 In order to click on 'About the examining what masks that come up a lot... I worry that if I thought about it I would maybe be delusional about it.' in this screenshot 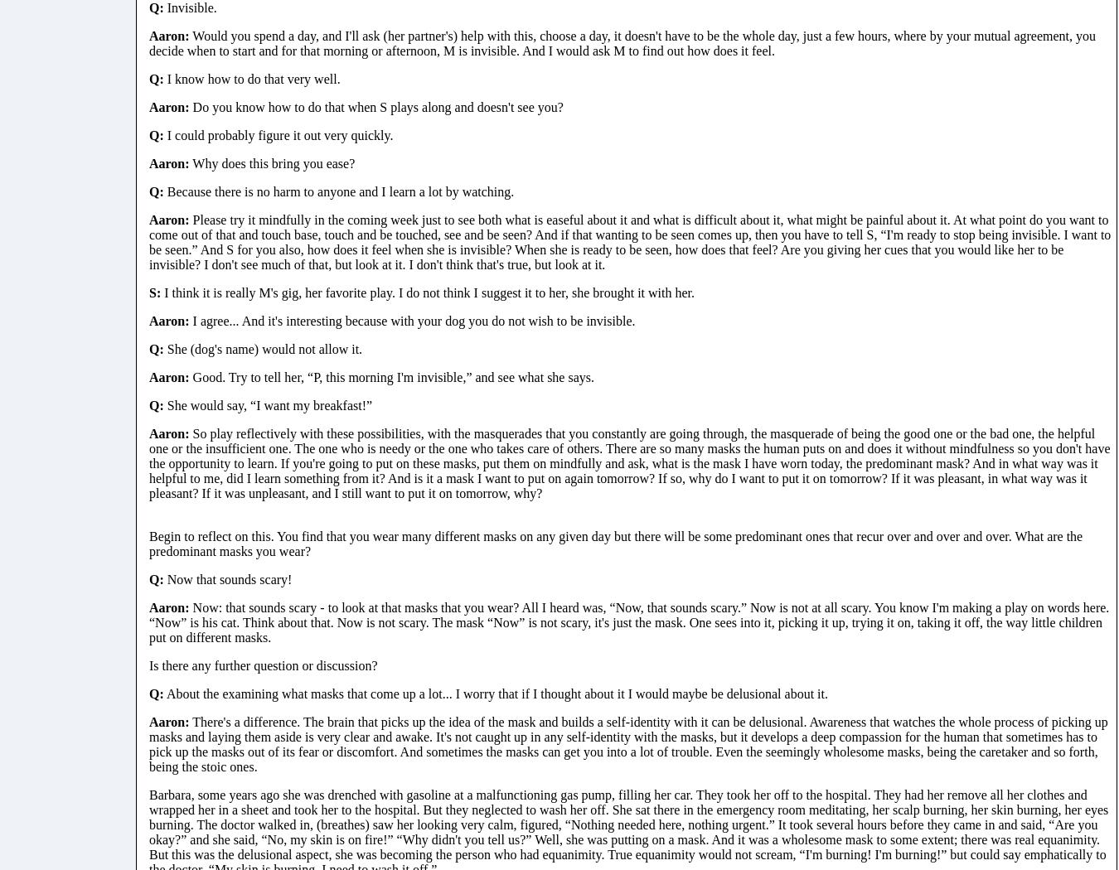, I will do `click(495, 693)`.